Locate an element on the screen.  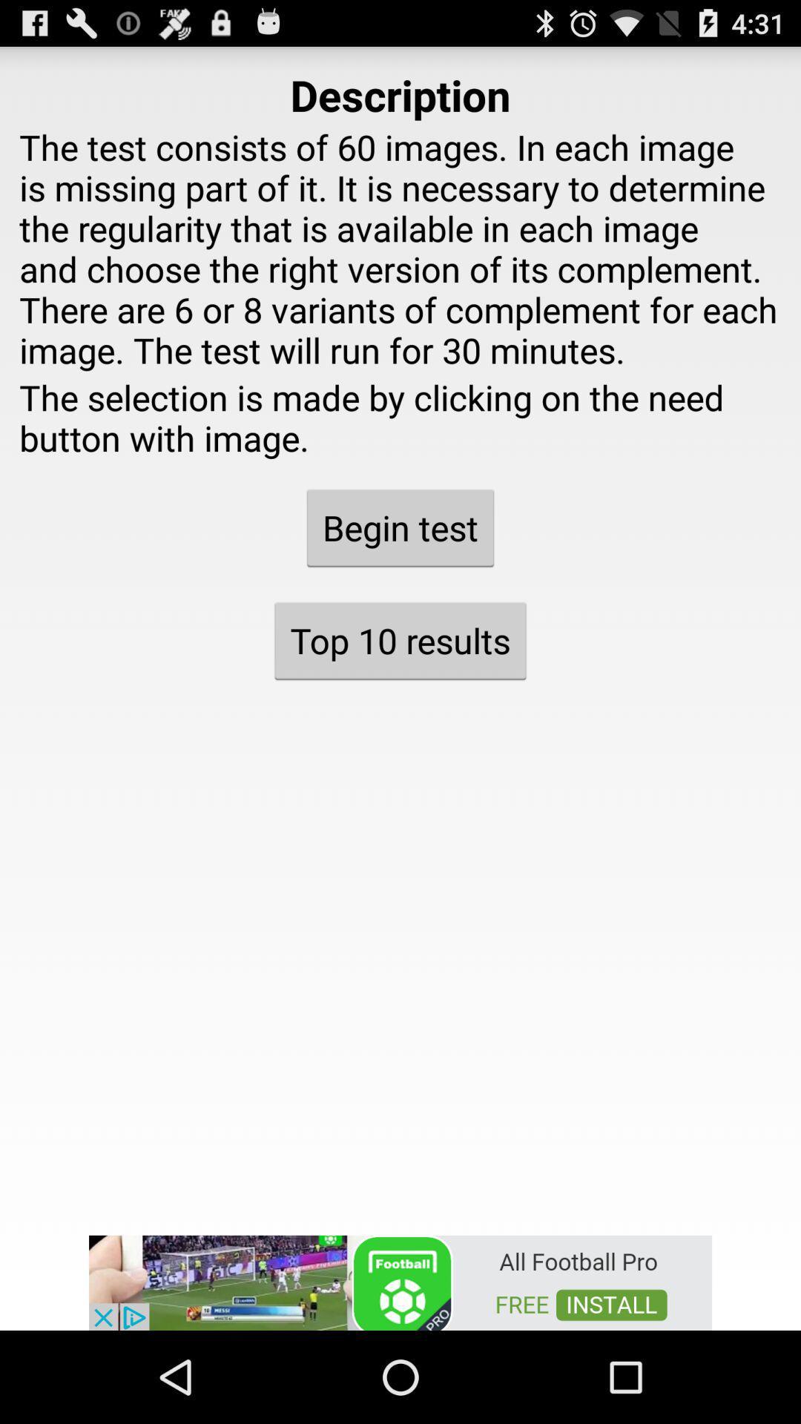
advertisement website is located at coordinates (400, 1281).